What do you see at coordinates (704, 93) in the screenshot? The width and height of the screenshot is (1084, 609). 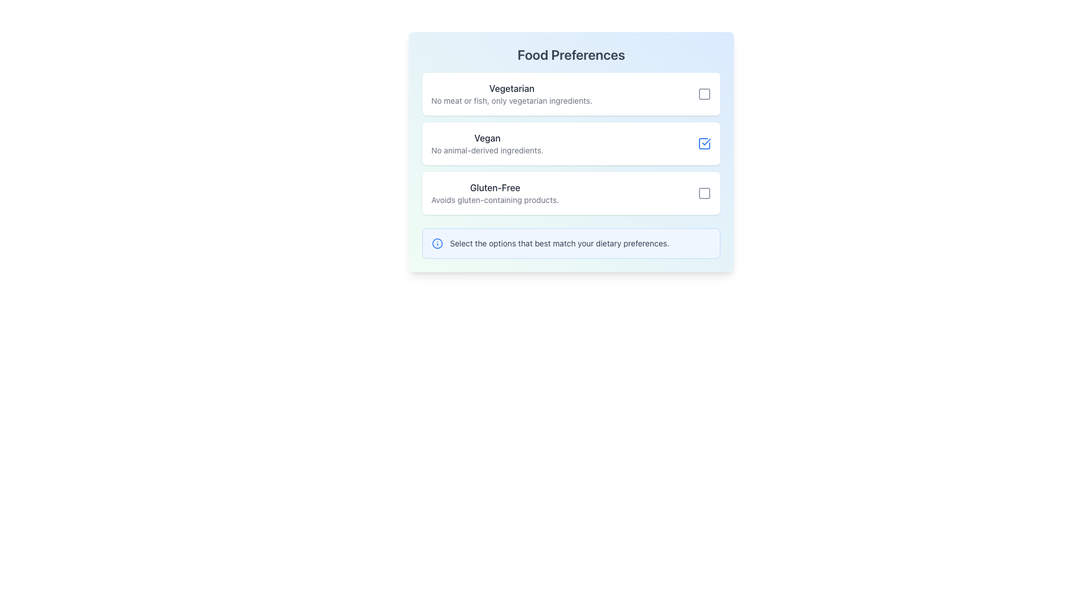 I see `the checkbox for the 'Vegetarian' preference` at bounding box center [704, 93].